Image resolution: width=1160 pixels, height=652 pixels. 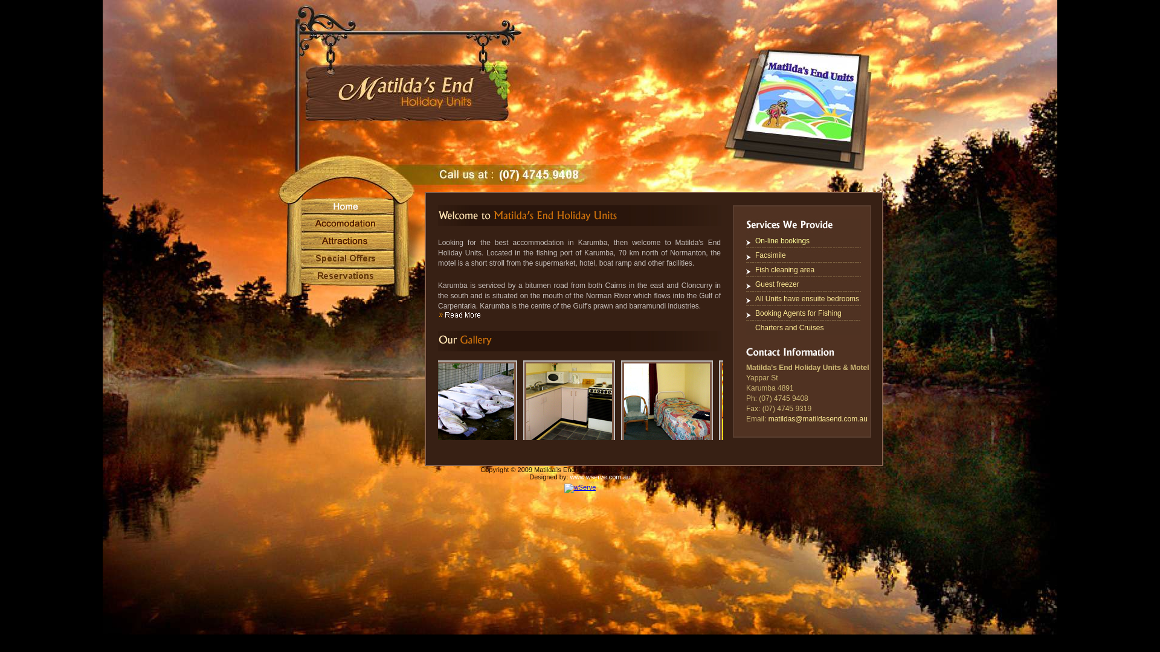 What do you see at coordinates (782, 240) in the screenshot?
I see `'On-line bookings'` at bounding box center [782, 240].